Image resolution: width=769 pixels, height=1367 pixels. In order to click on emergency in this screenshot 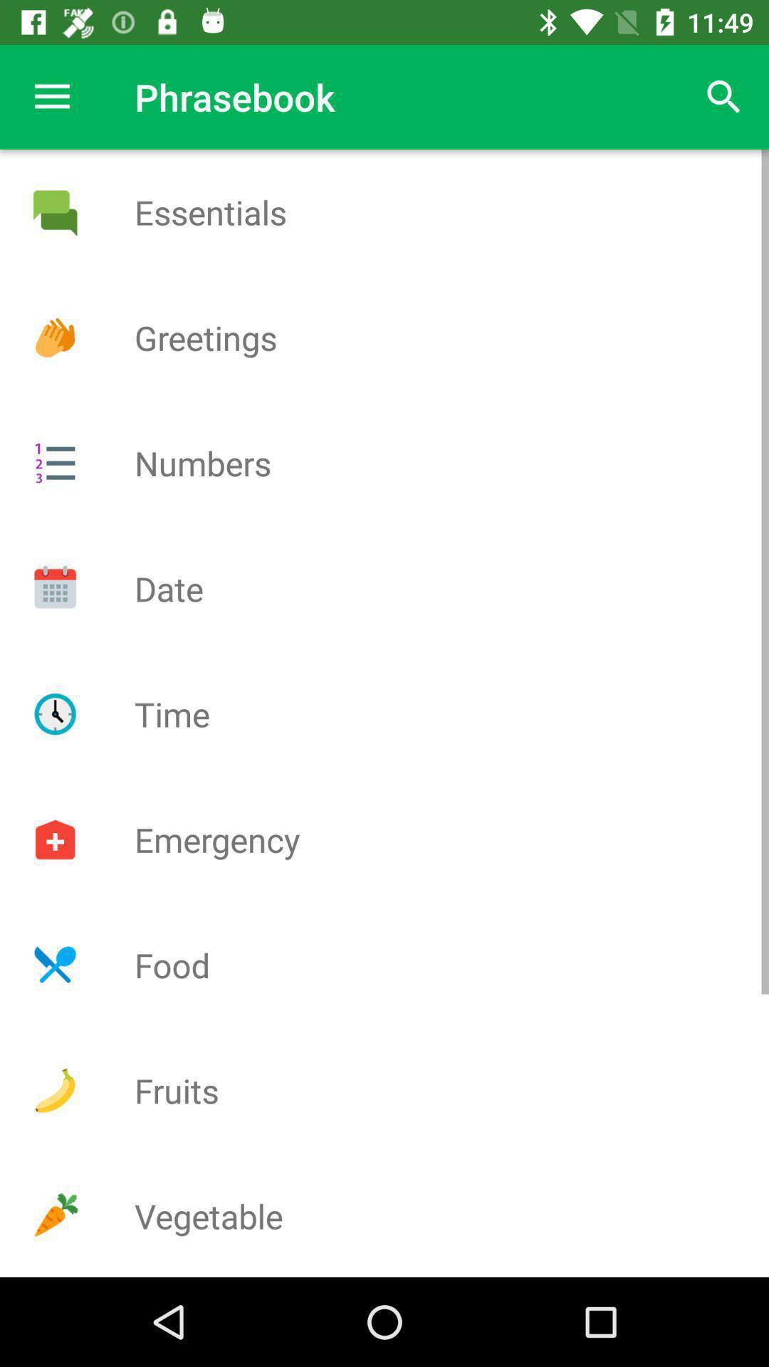, I will do `click(54, 839)`.